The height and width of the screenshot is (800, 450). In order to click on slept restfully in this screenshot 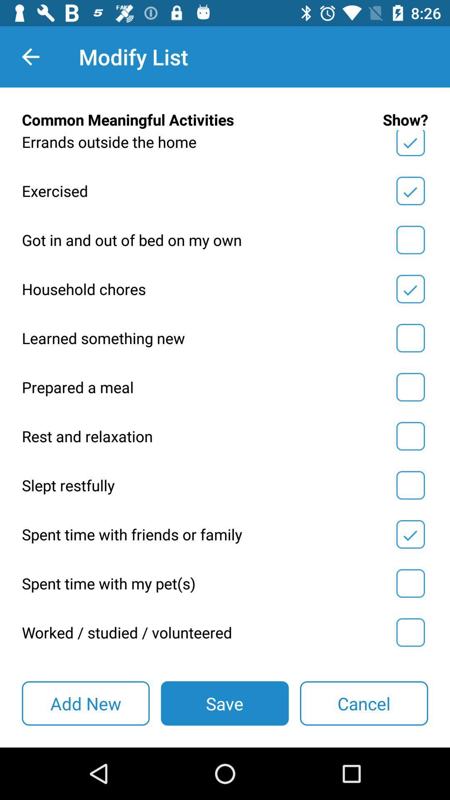, I will do `click(410, 485)`.